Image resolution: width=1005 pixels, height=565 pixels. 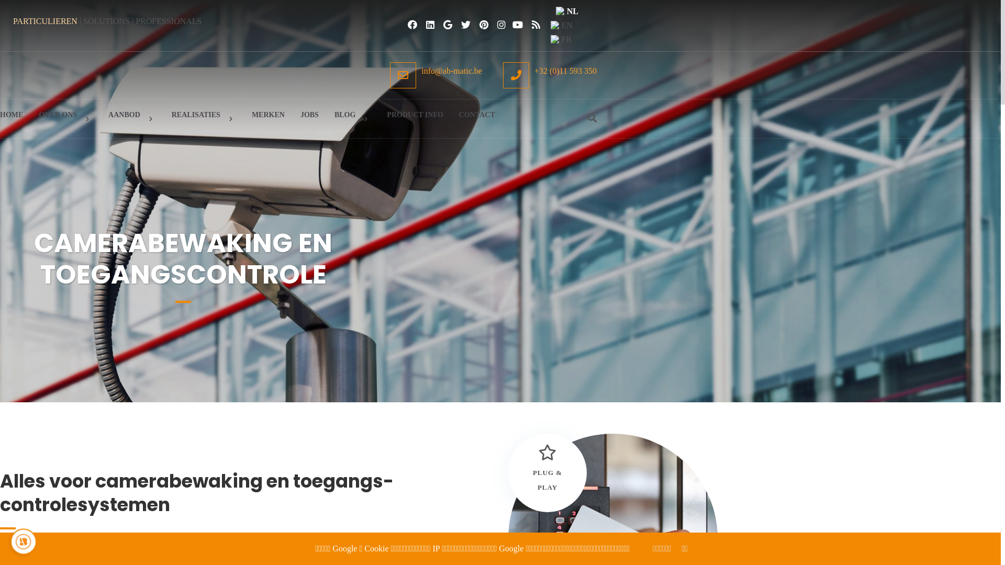 I want to click on 'PRODUCT INFO', so click(x=414, y=115).